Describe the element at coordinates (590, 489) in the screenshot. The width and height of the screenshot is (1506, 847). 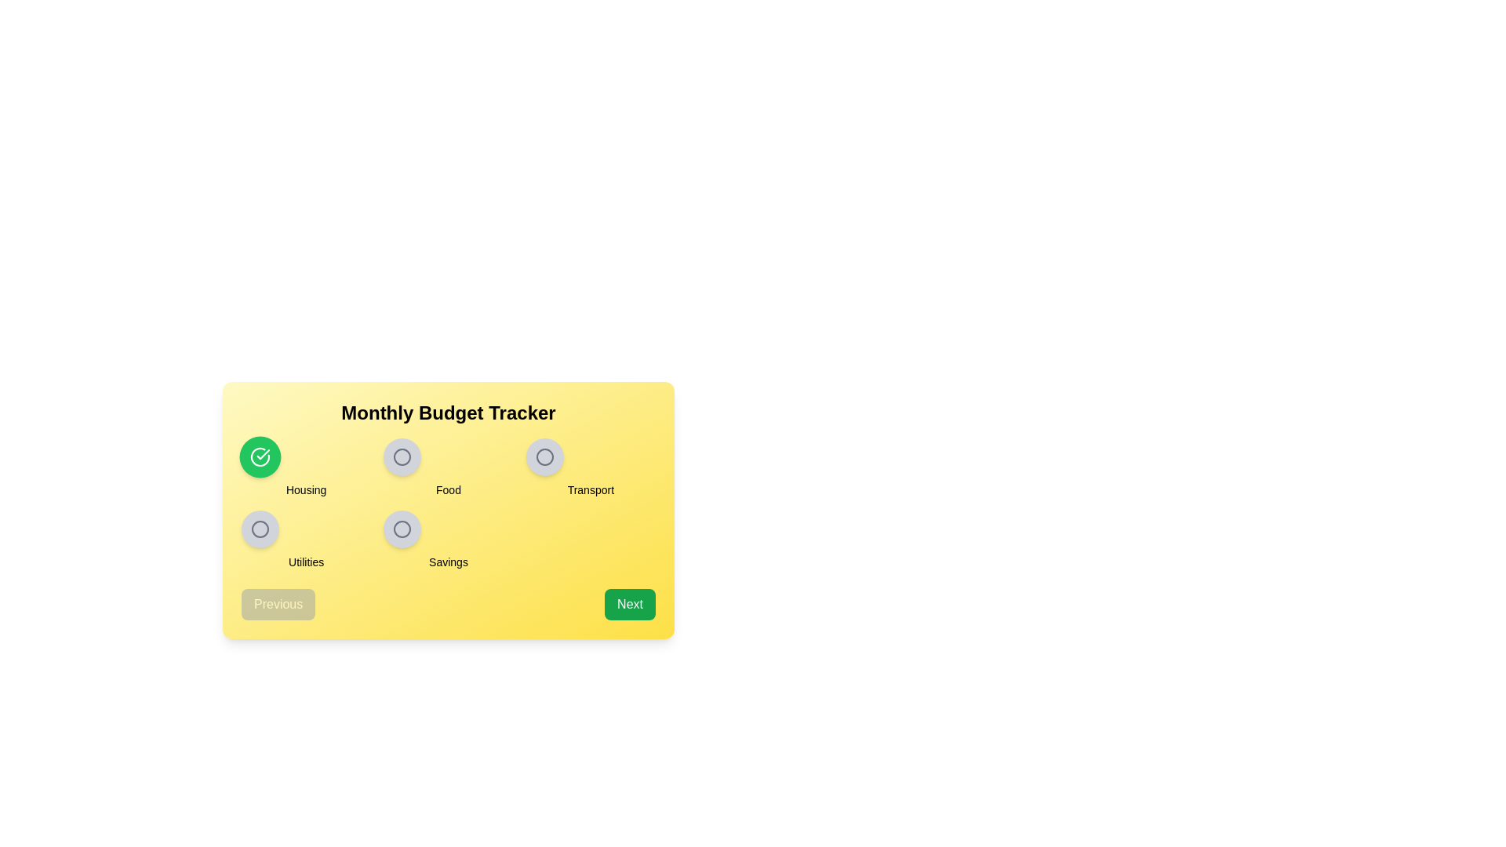
I see `'Transport' text label, which is prominently displayed on a yellow background below a circular icon in the interface` at that location.